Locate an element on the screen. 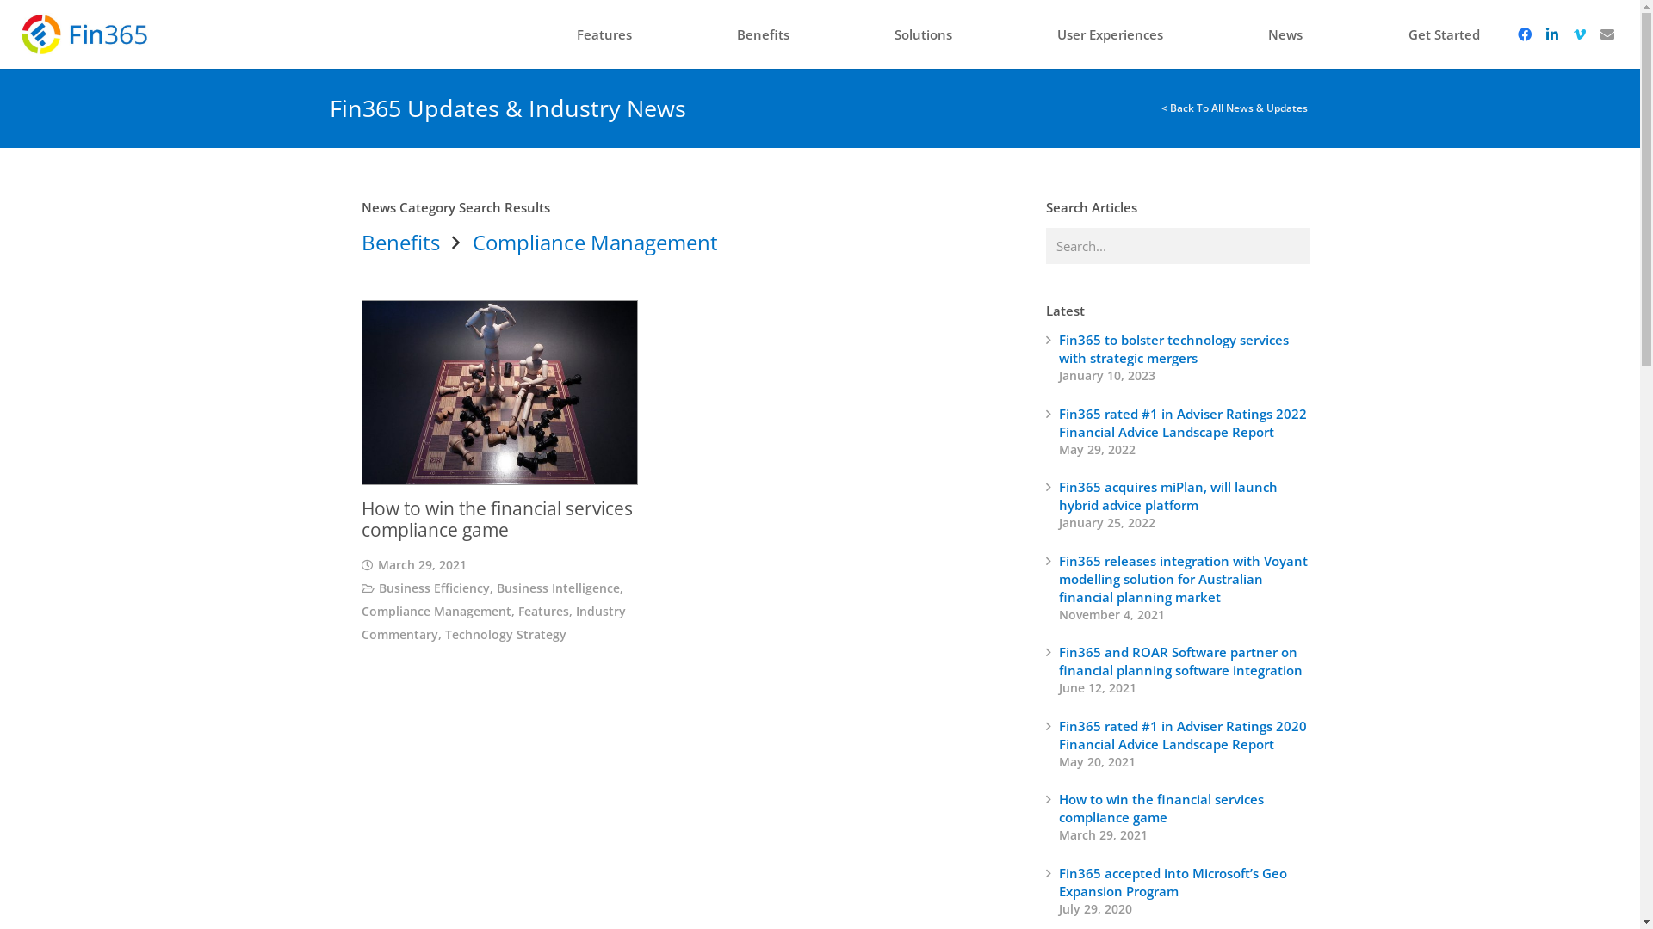 Image resolution: width=1653 pixels, height=929 pixels. 'Benefits' is located at coordinates (762, 34).